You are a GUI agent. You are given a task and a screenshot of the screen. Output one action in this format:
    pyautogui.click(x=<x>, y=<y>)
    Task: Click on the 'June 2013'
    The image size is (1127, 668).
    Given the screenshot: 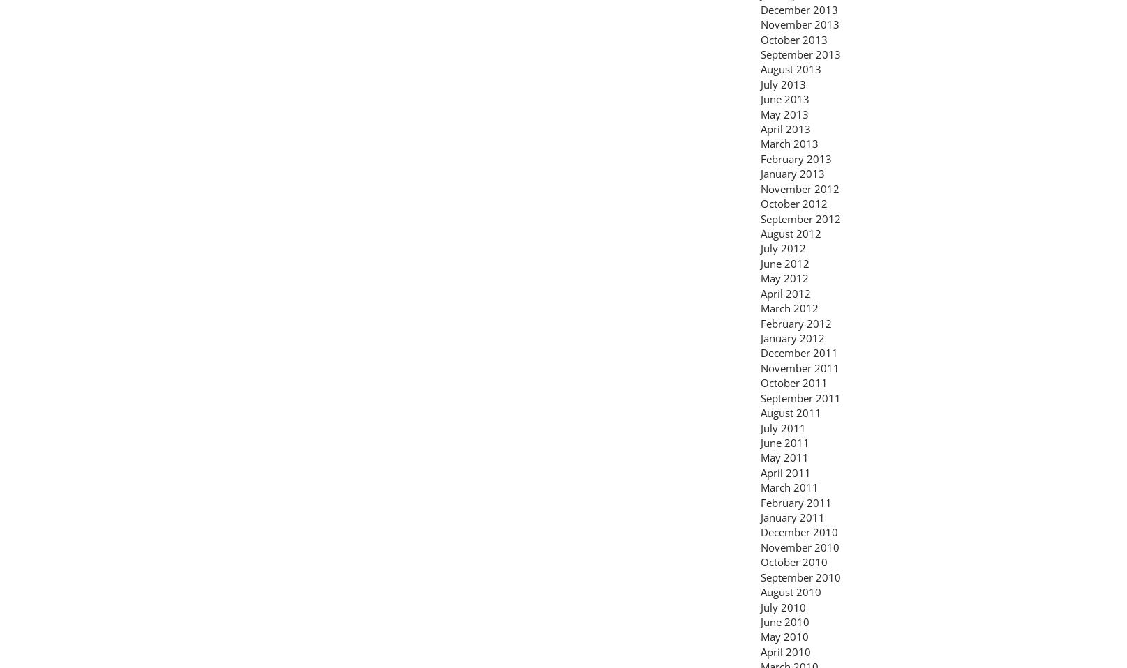 What is the action you would take?
    pyautogui.click(x=785, y=98)
    